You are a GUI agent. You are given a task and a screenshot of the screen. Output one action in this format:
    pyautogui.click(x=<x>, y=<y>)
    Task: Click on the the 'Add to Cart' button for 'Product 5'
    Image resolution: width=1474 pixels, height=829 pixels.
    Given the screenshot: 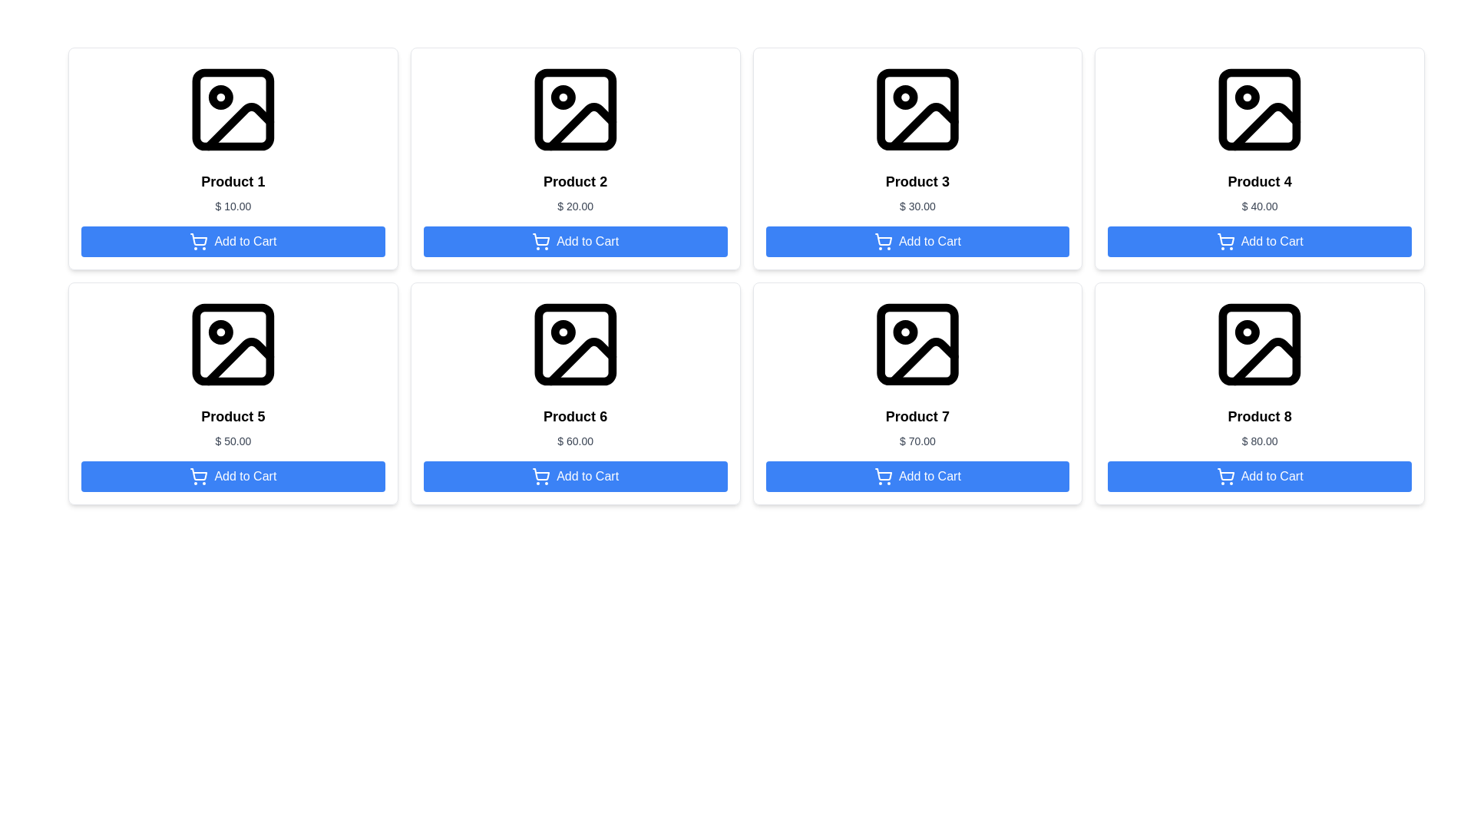 What is the action you would take?
    pyautogui.click(x=232, y=476)
    